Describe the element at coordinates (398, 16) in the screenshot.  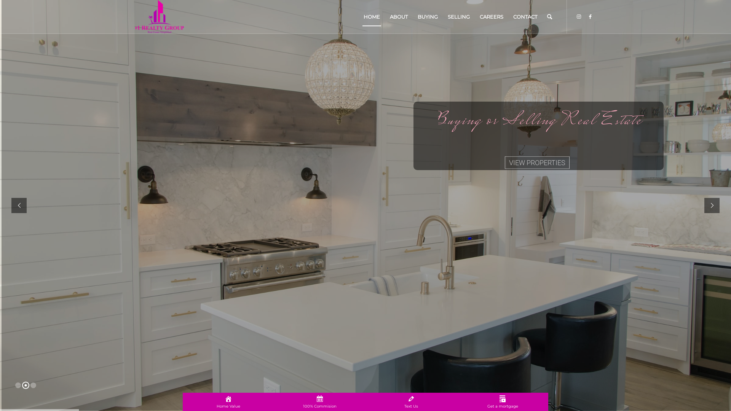
I see `'ABOUT'` at that location.